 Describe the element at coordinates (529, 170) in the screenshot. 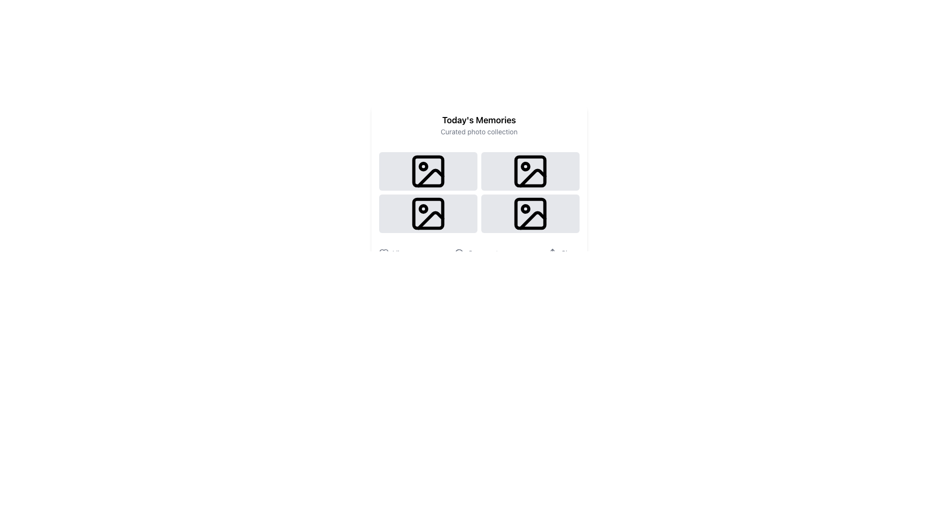

I see `the small, rounded rectangular icon in the 'Today's Memories' grid, located in the second item of the top row` at that location.